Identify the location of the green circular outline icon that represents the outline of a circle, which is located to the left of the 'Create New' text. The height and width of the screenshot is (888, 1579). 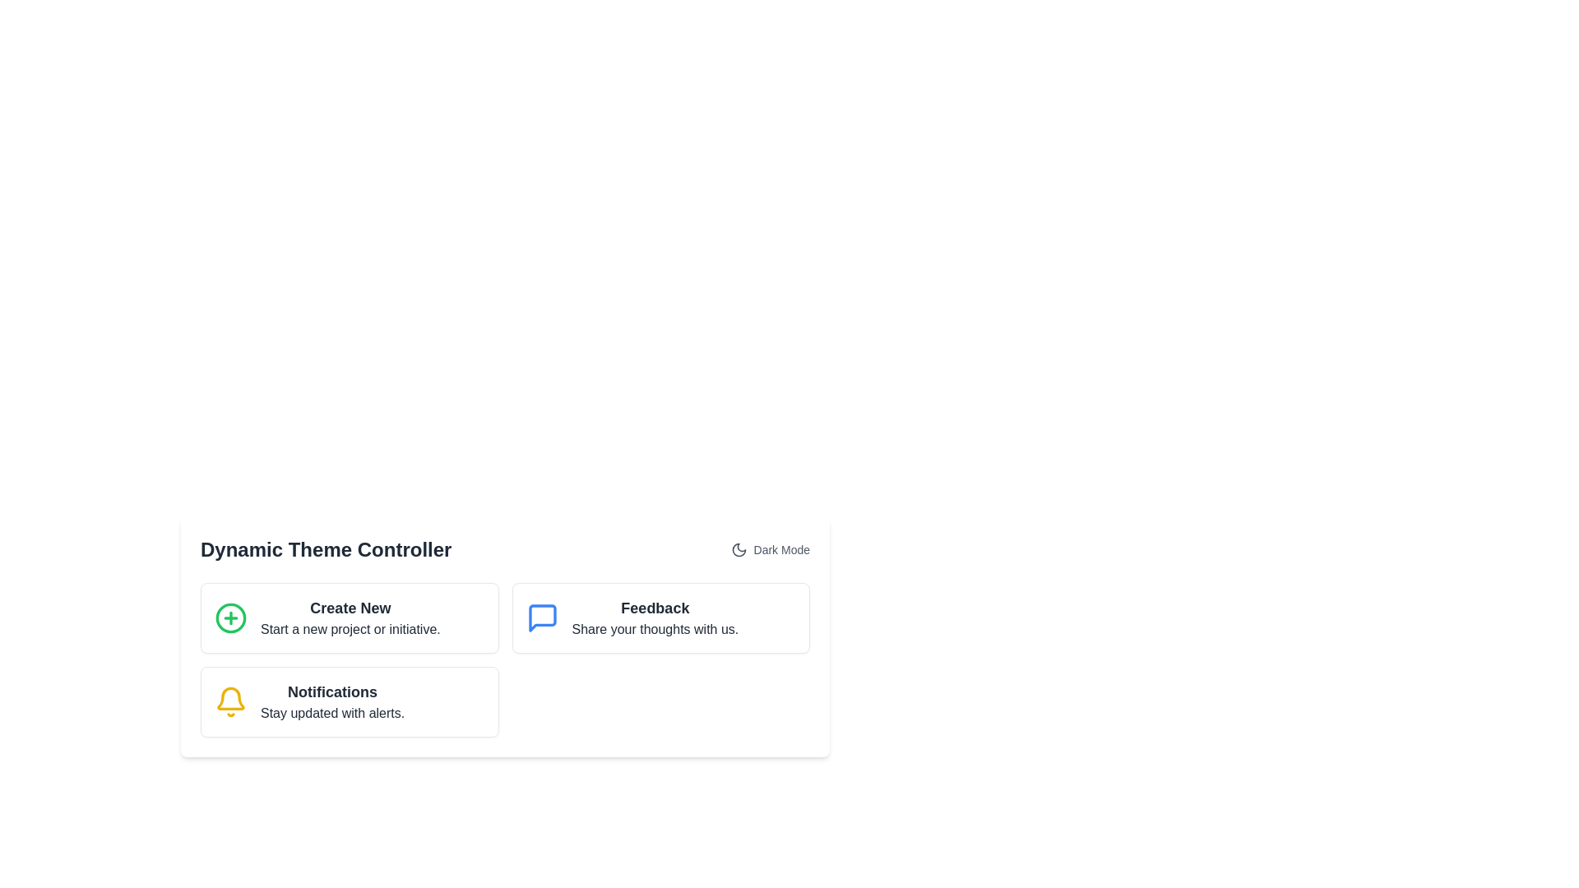
(230, 618).